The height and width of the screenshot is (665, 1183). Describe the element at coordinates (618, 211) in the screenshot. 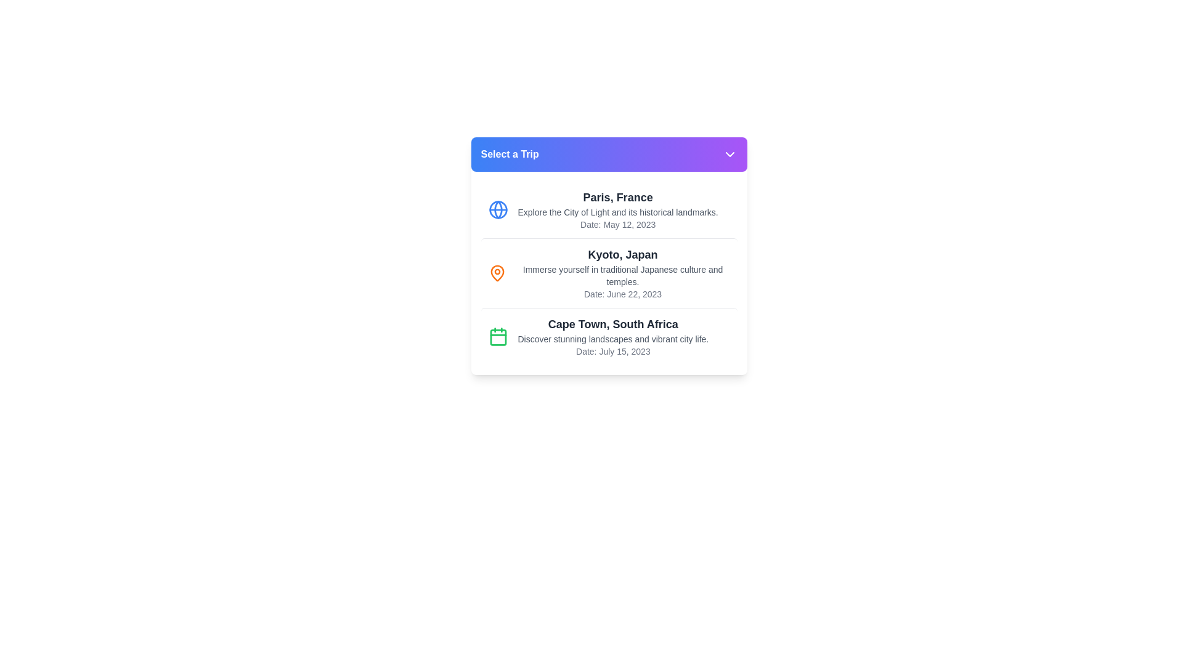

I see `the text element that reads 'Explore the City of Light and its historical landmarks.' located below the heading 'Paris, France.'` at that location.